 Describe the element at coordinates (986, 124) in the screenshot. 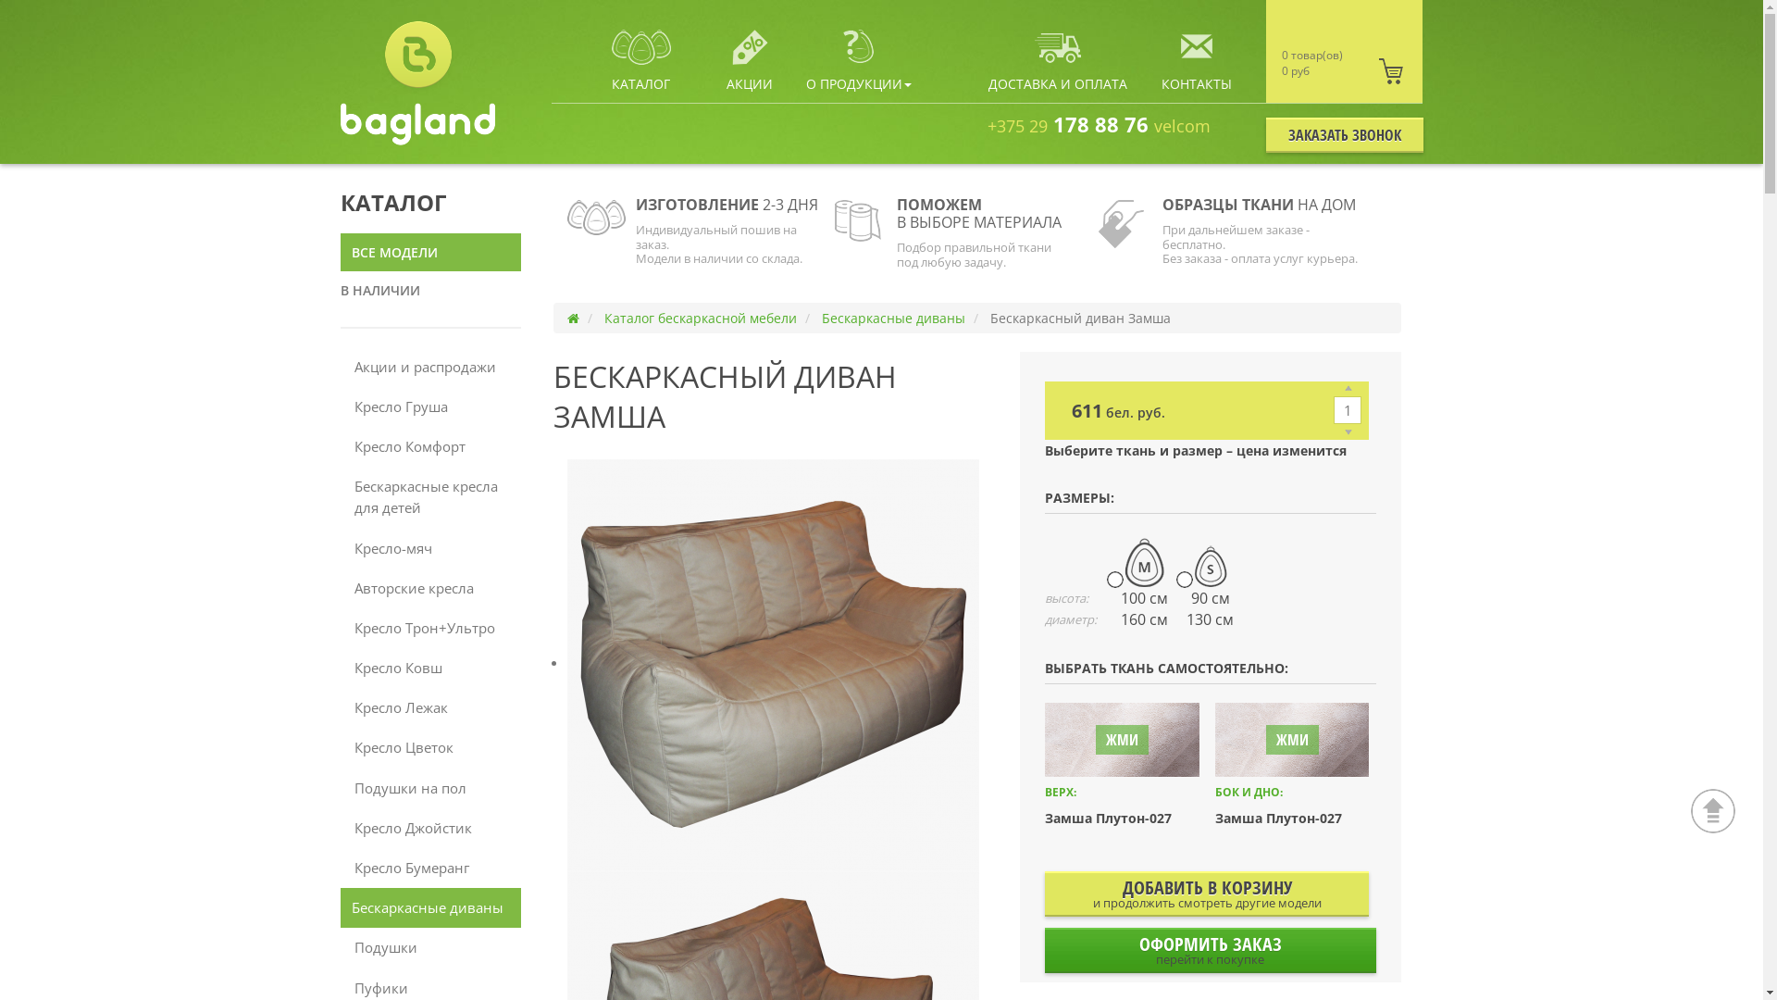

I see `'+375 29 178 88 76 velcom'` at that location.